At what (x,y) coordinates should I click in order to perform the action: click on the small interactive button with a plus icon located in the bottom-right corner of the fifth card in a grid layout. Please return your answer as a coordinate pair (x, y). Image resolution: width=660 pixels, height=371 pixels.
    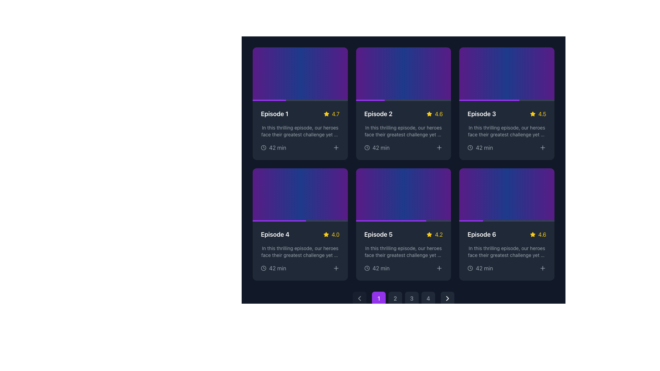
    Looking at the image, I should click on (439, 268).